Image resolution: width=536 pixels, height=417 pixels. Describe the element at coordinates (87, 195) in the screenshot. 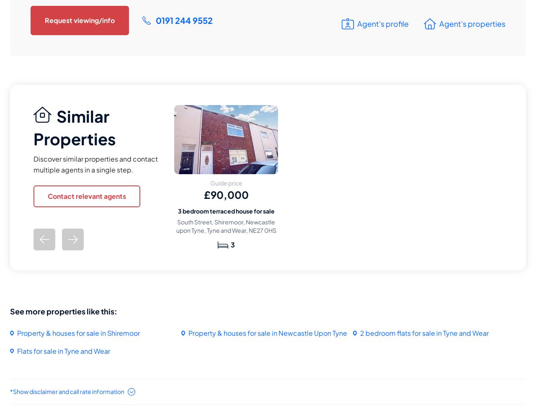

I see `'Contact relevant agents'` at that location.